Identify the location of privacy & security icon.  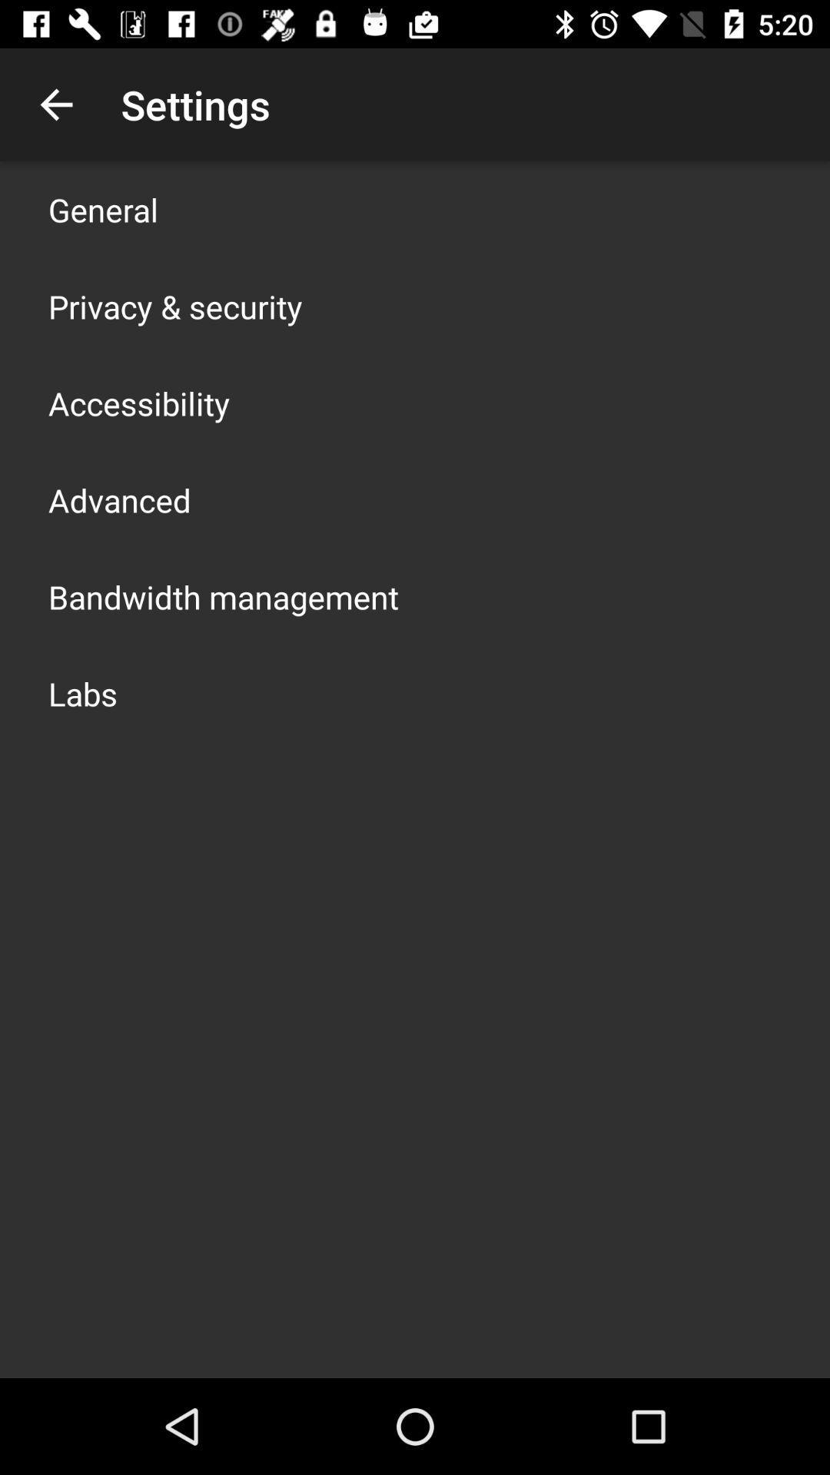
(174, 306).